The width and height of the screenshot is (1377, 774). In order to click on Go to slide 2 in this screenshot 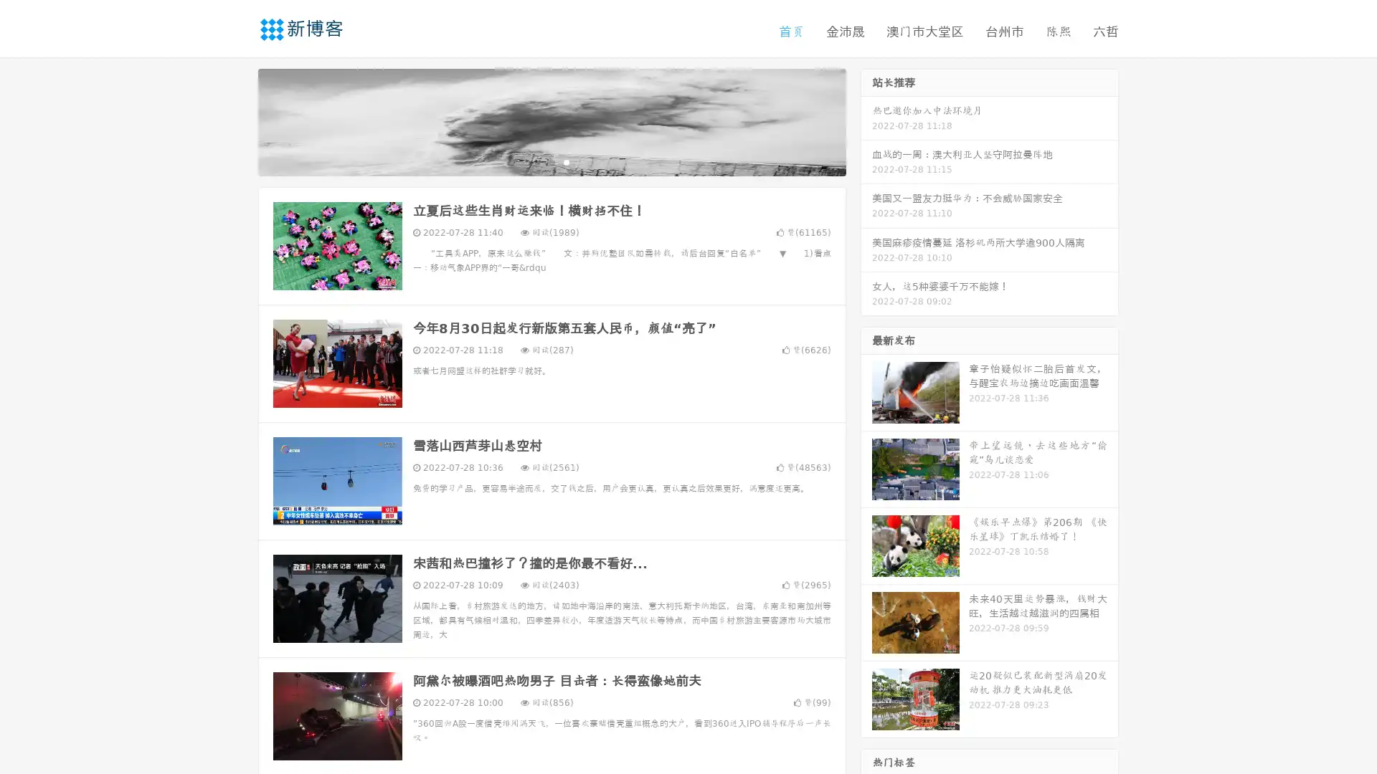, I will do `click(551, 161)`.